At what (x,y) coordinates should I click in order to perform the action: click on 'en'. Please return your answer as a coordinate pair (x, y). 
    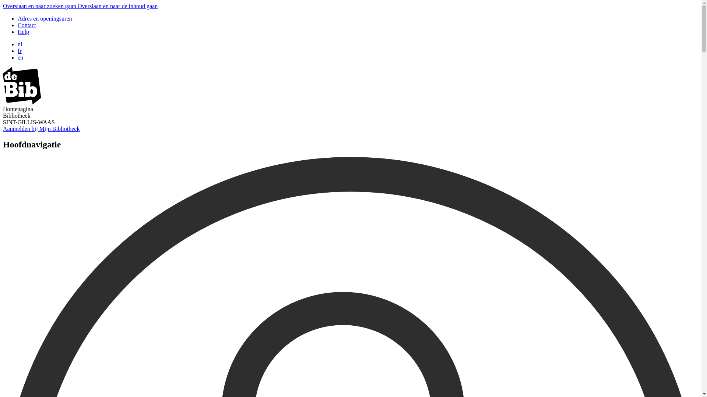
    Looking at the image, I should click on (20, 57).